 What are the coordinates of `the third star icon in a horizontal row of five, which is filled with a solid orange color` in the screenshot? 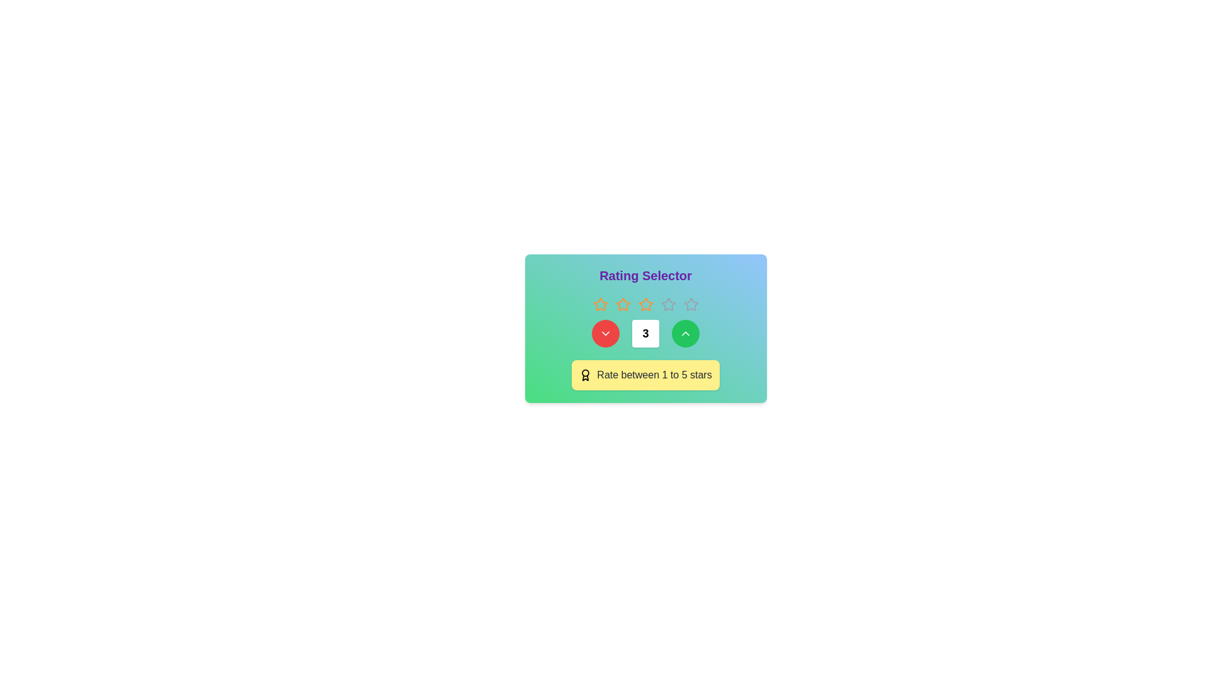 It's located at (645, 304).